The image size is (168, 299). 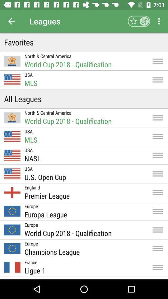 I want to click on the menu which is to the right of the world cup 2018  qualification in favorites, so click(x=158, y=61).